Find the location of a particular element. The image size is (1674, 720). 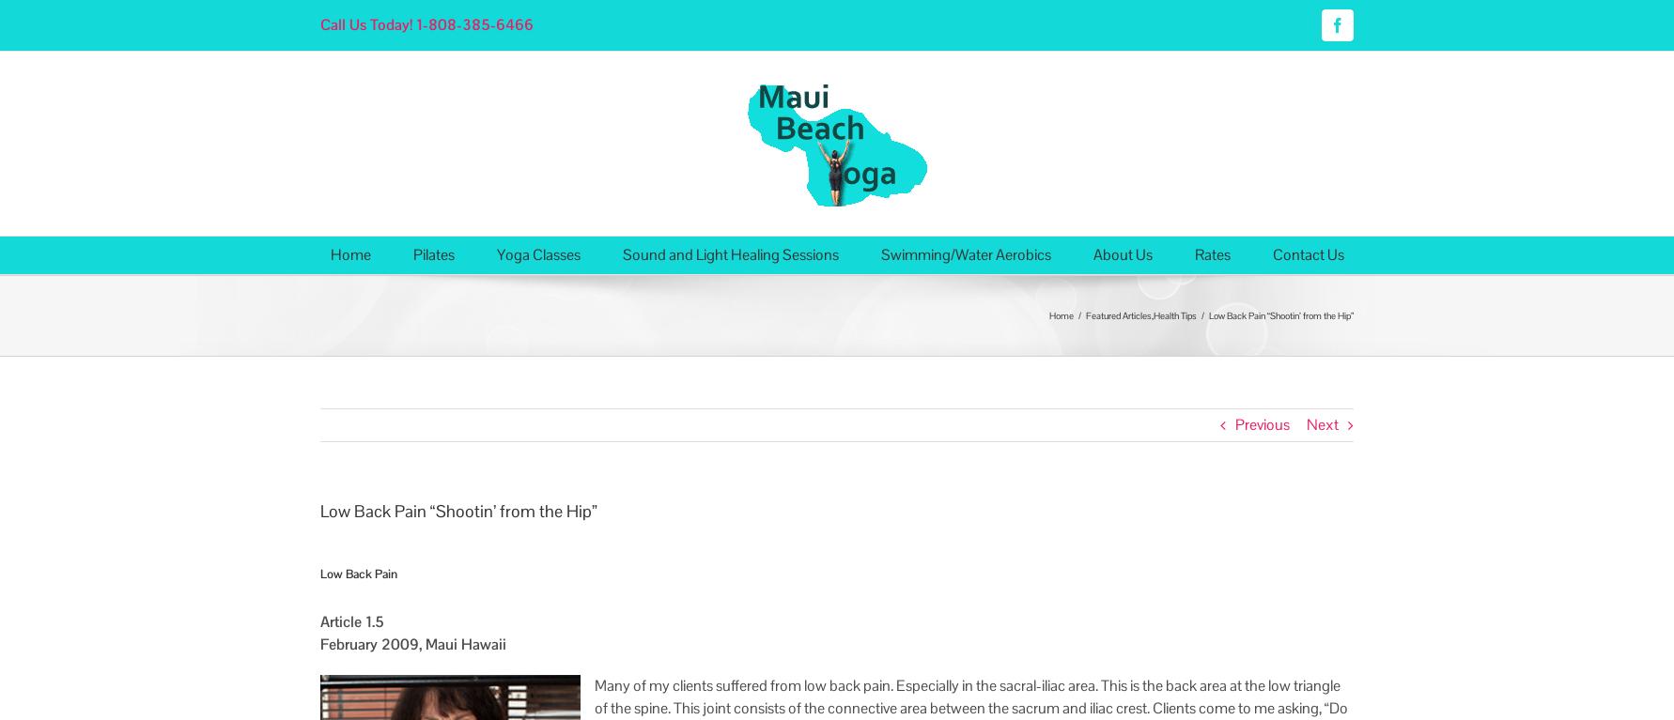

'Low Back Pain' is located at coordinates (359, 573).